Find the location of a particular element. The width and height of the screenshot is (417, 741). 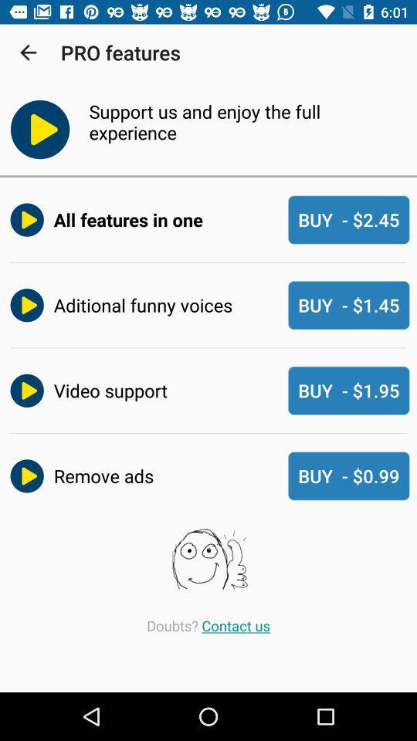

the play icon is located at coordinates (23, 219).